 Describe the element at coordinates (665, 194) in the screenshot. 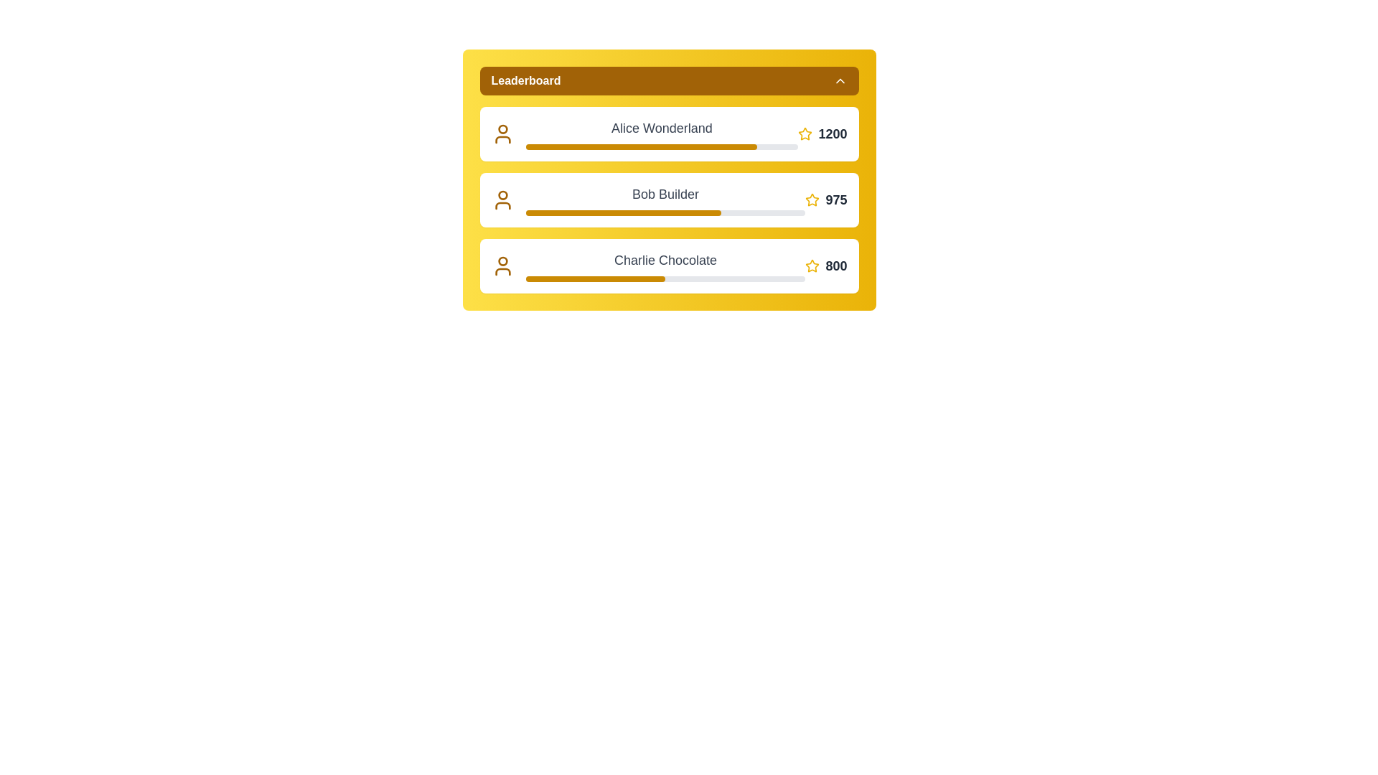

I see `text label displaying the username 'Bob Builder', which is located in the second row of the leaderboard panel, centrally aligned between 'Alice Wonderland' and 'Charlie Chocolate'` at that location.